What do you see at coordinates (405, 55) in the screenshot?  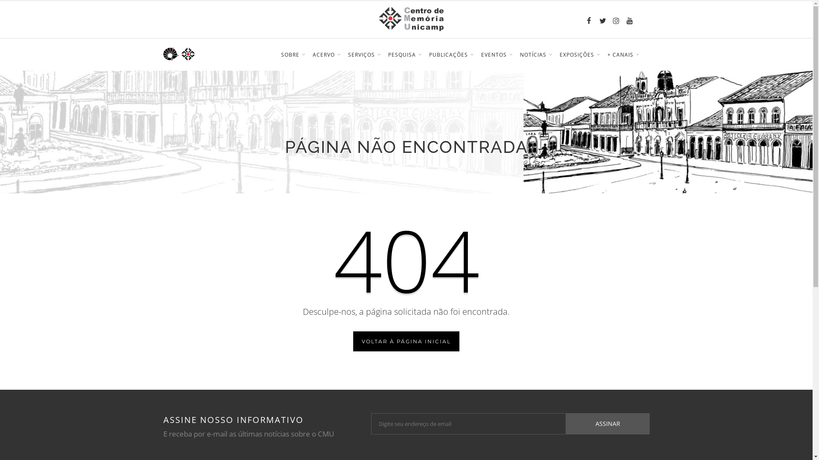 I see `'PESQUISA'` at bounding box center [405, 55].